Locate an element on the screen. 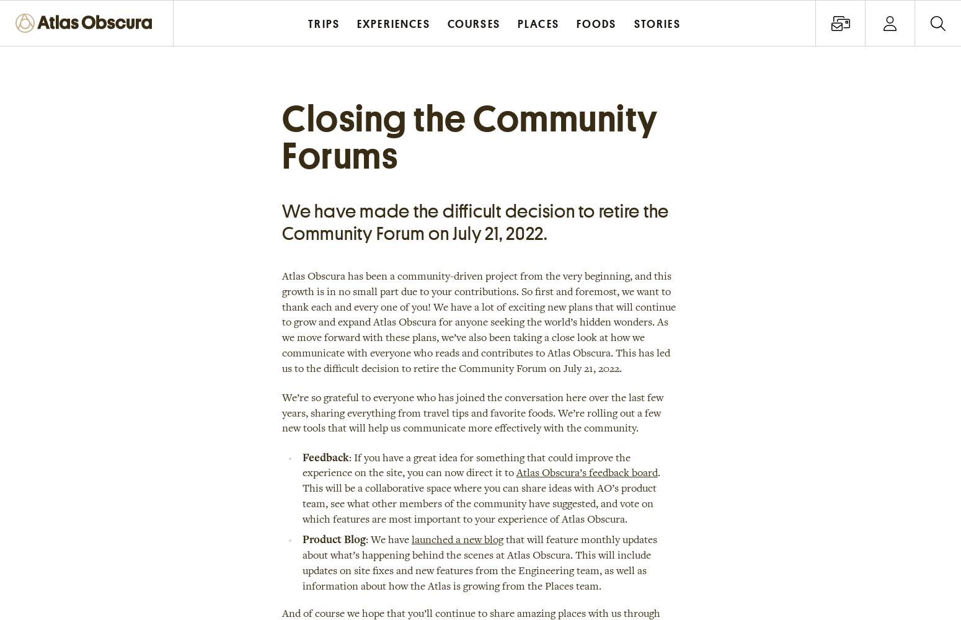 This screenshot has width=961, height=620. '. This will be a collaborative space where you can share ideas with AO’s product team, see what other members of the community have suggested, and vote on which features are most important to your experience of Atlas Obscura.' is located at coordinates (480, 497).